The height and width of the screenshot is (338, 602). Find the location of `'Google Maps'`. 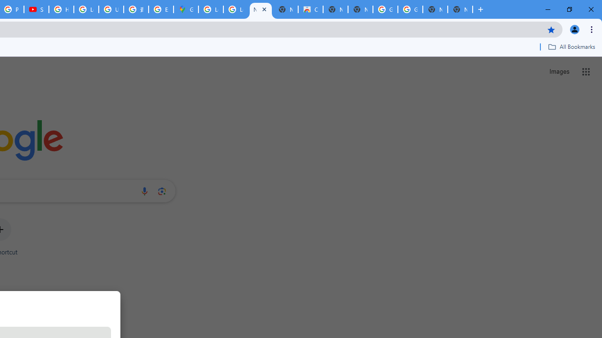

'Google Maps' is located at coordinates (186, 9).